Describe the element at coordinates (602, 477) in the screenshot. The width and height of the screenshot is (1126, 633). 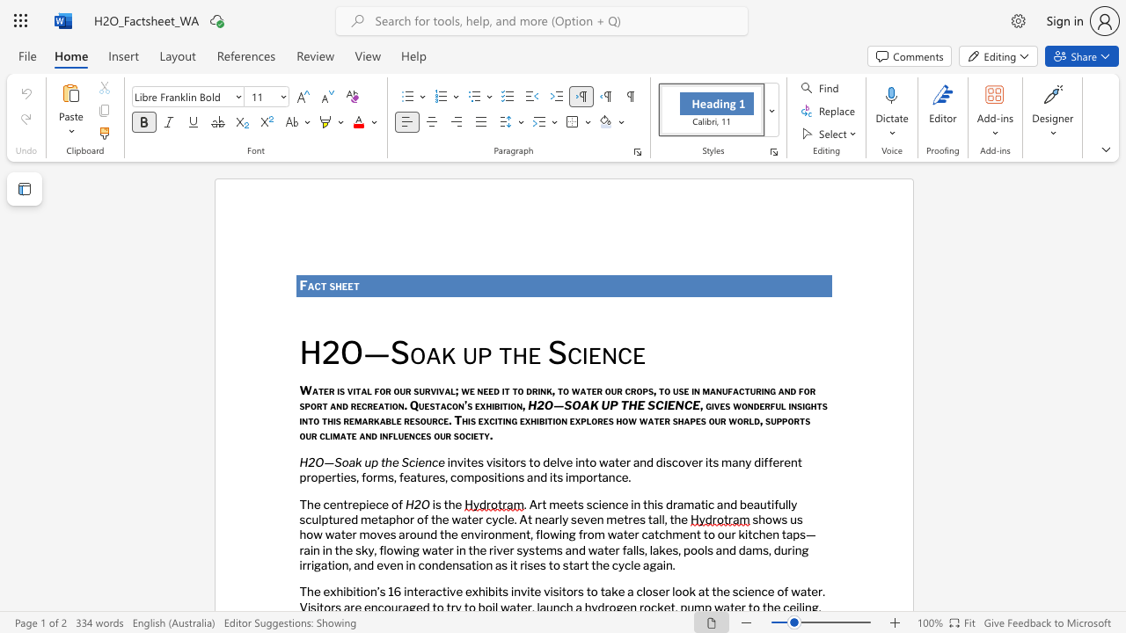
I see `the subset text "anc" within the text "and its importance."` at that location.